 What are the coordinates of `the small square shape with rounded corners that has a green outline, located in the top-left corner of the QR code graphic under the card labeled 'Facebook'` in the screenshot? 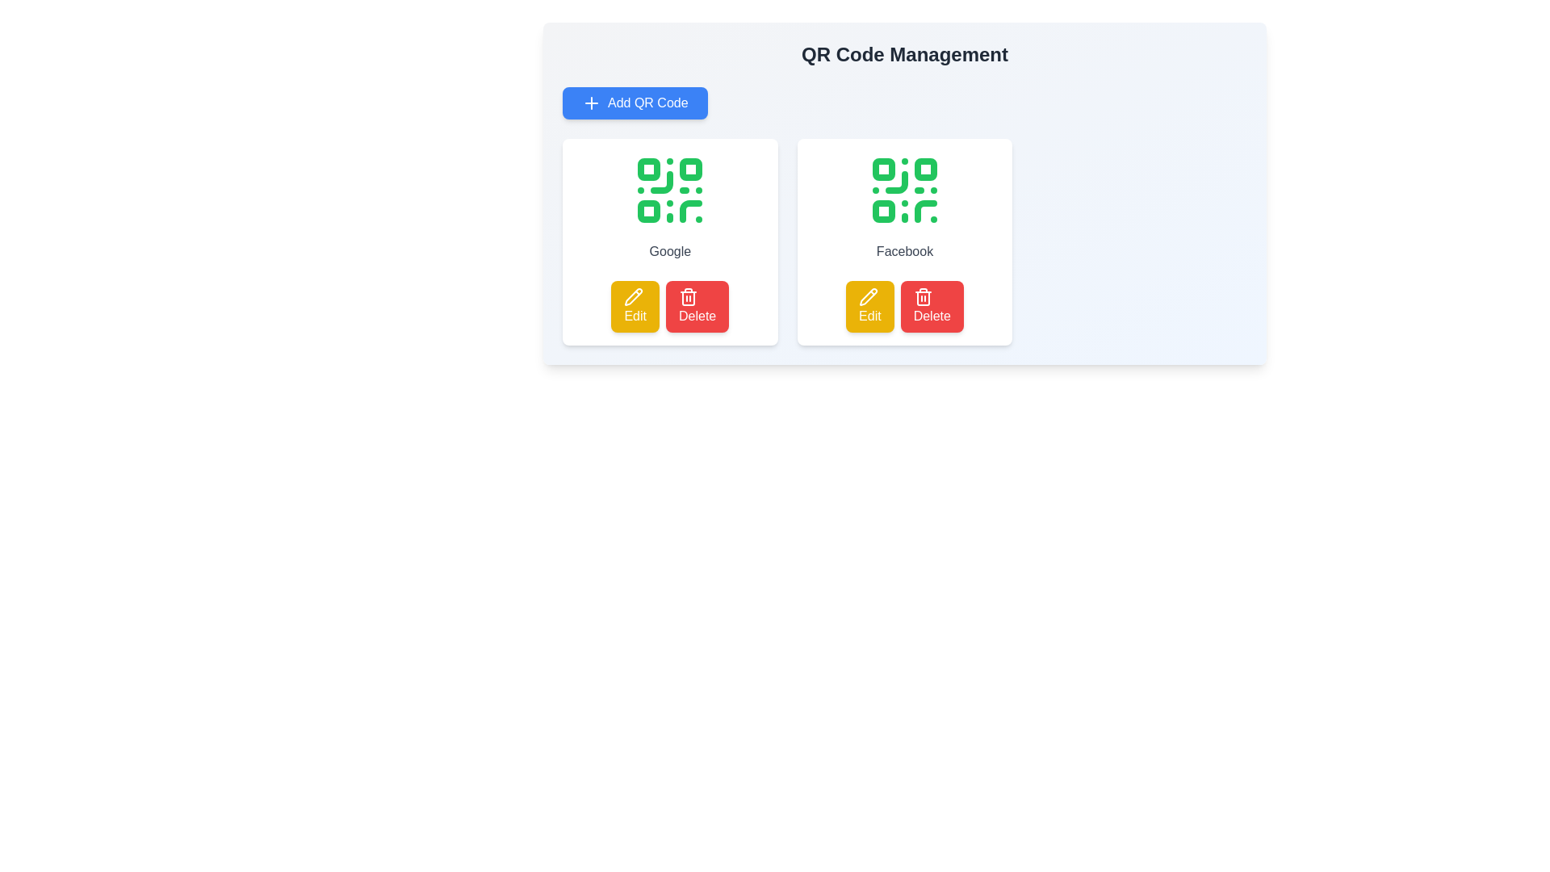 It's located at (882, 169).